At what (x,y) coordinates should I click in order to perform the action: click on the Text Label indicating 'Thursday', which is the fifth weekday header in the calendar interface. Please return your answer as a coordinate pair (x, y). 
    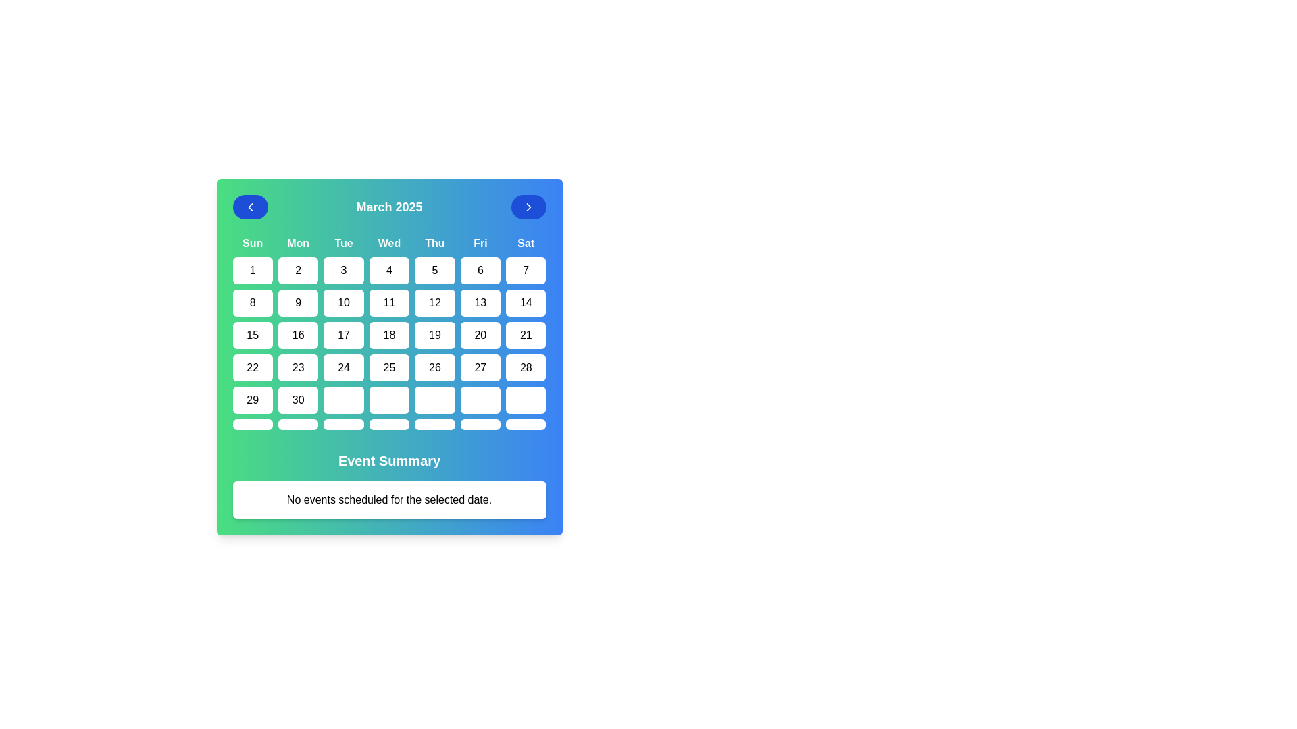
    Looking at the image, I should click on (434, 244).